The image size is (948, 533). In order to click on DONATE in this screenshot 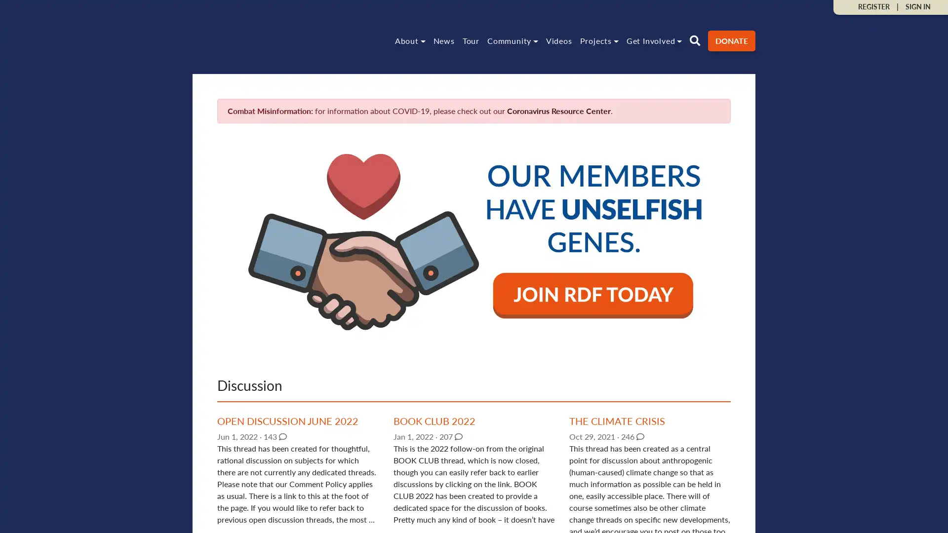, I will do `click(732, 39)`.